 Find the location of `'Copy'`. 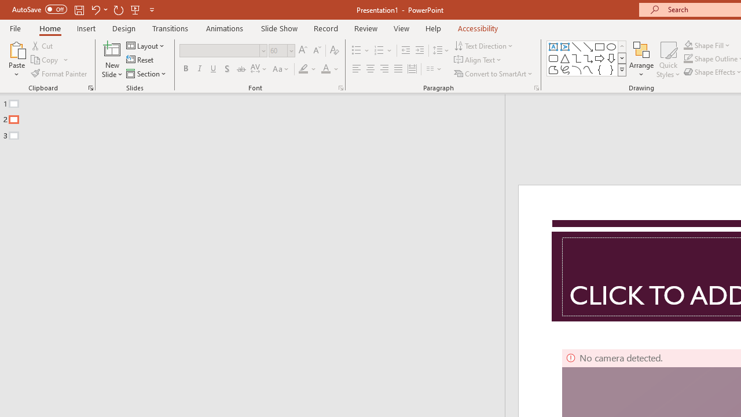

'Copy' is located at coordinates (49, 60).